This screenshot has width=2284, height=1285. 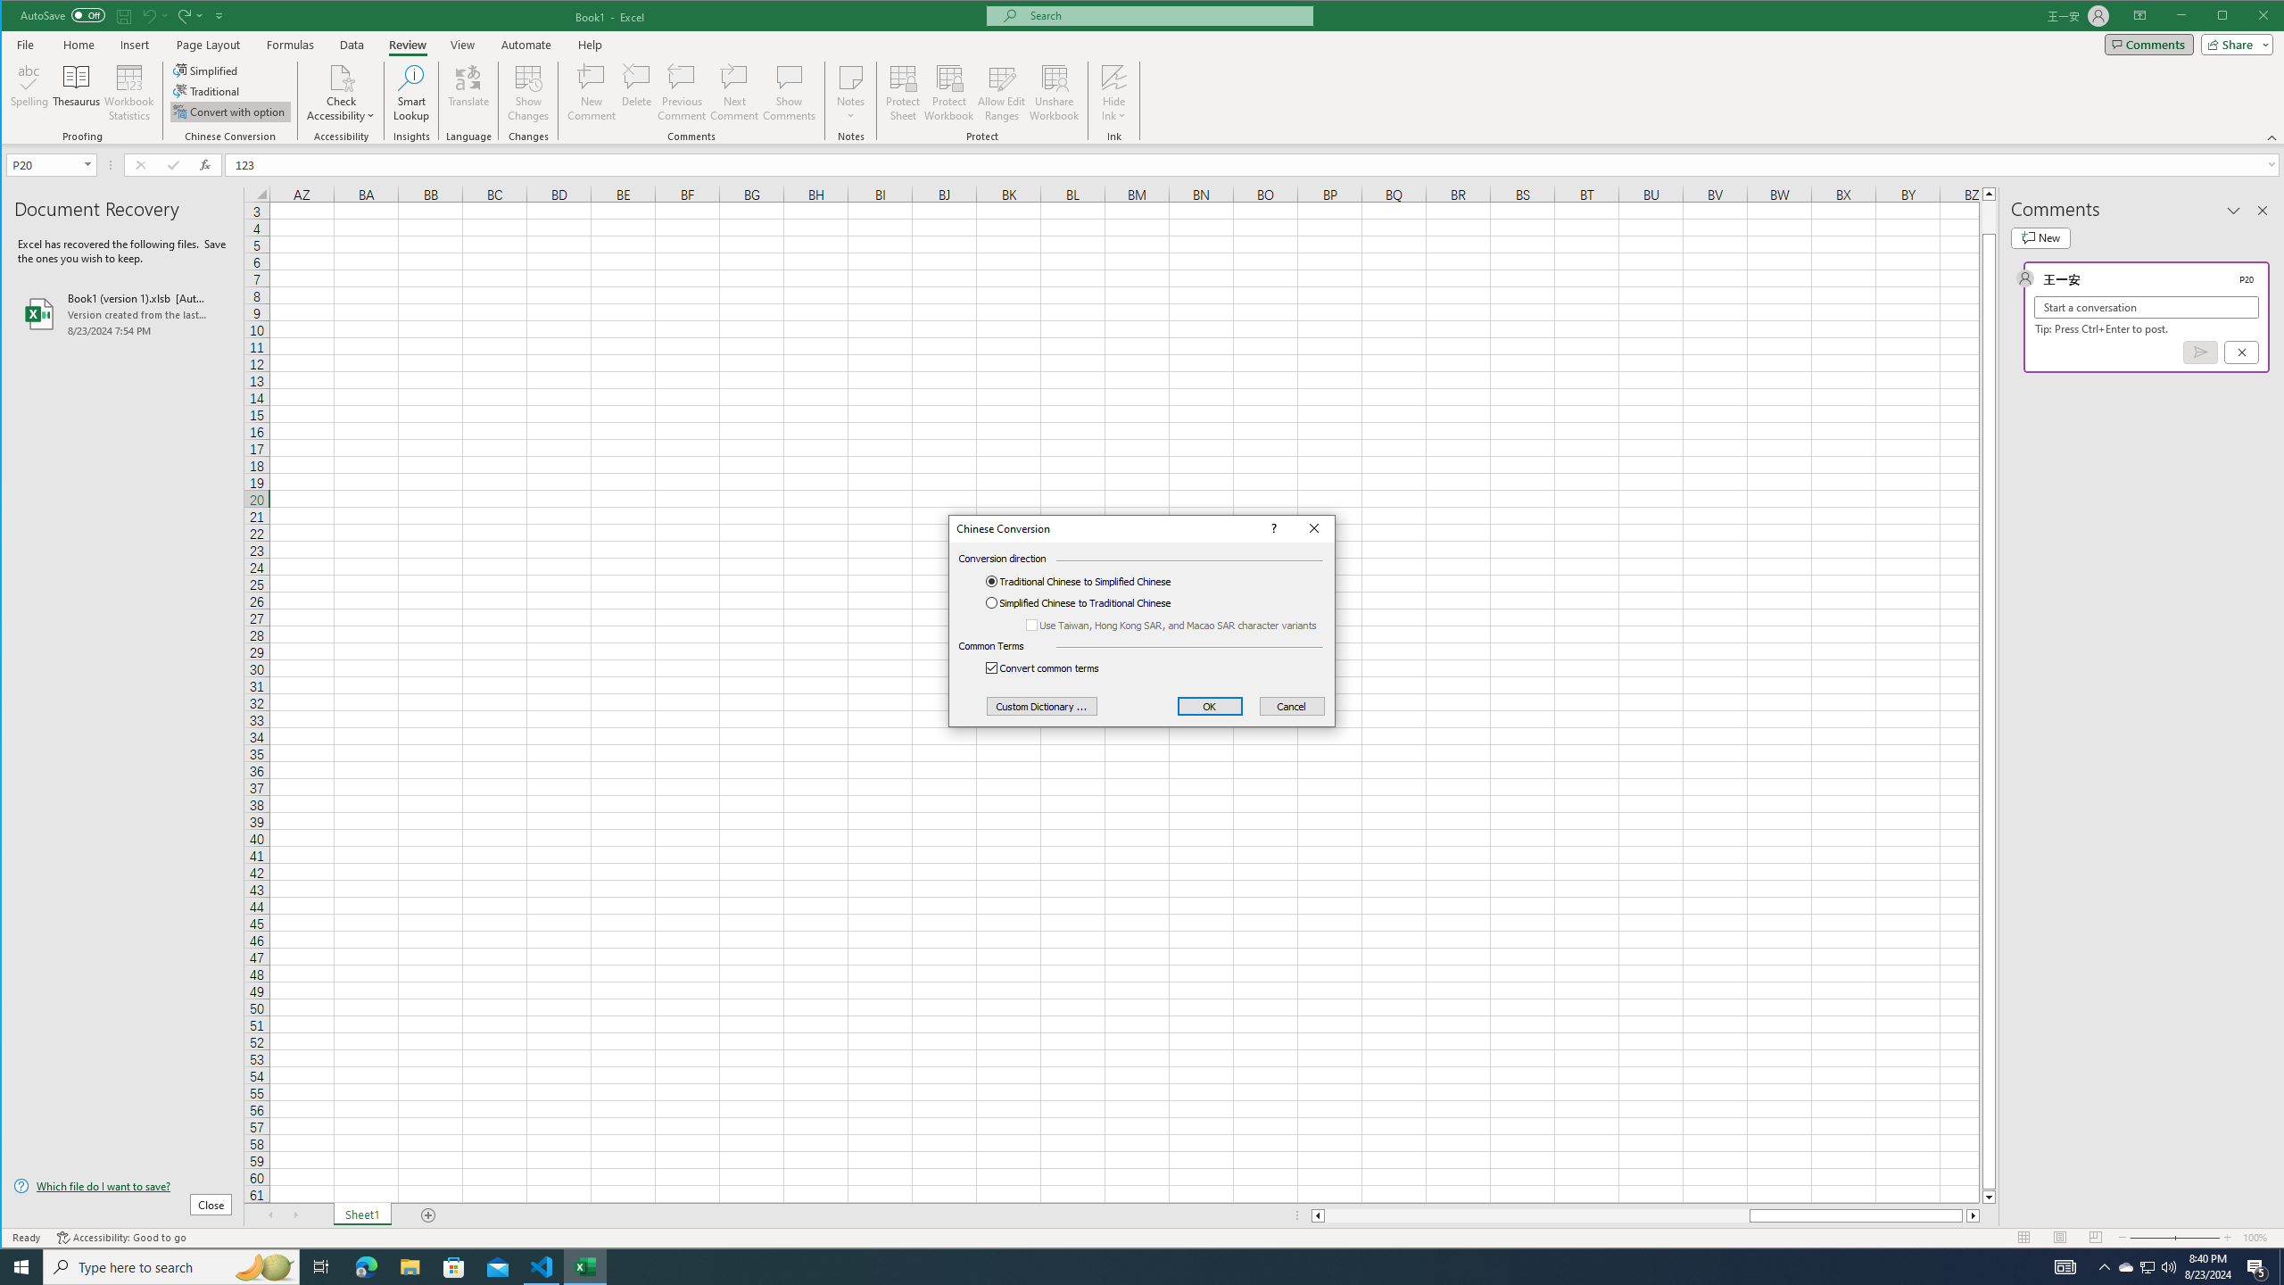 I want to click on 'Microsoft search', so click(x=1163, y=16).